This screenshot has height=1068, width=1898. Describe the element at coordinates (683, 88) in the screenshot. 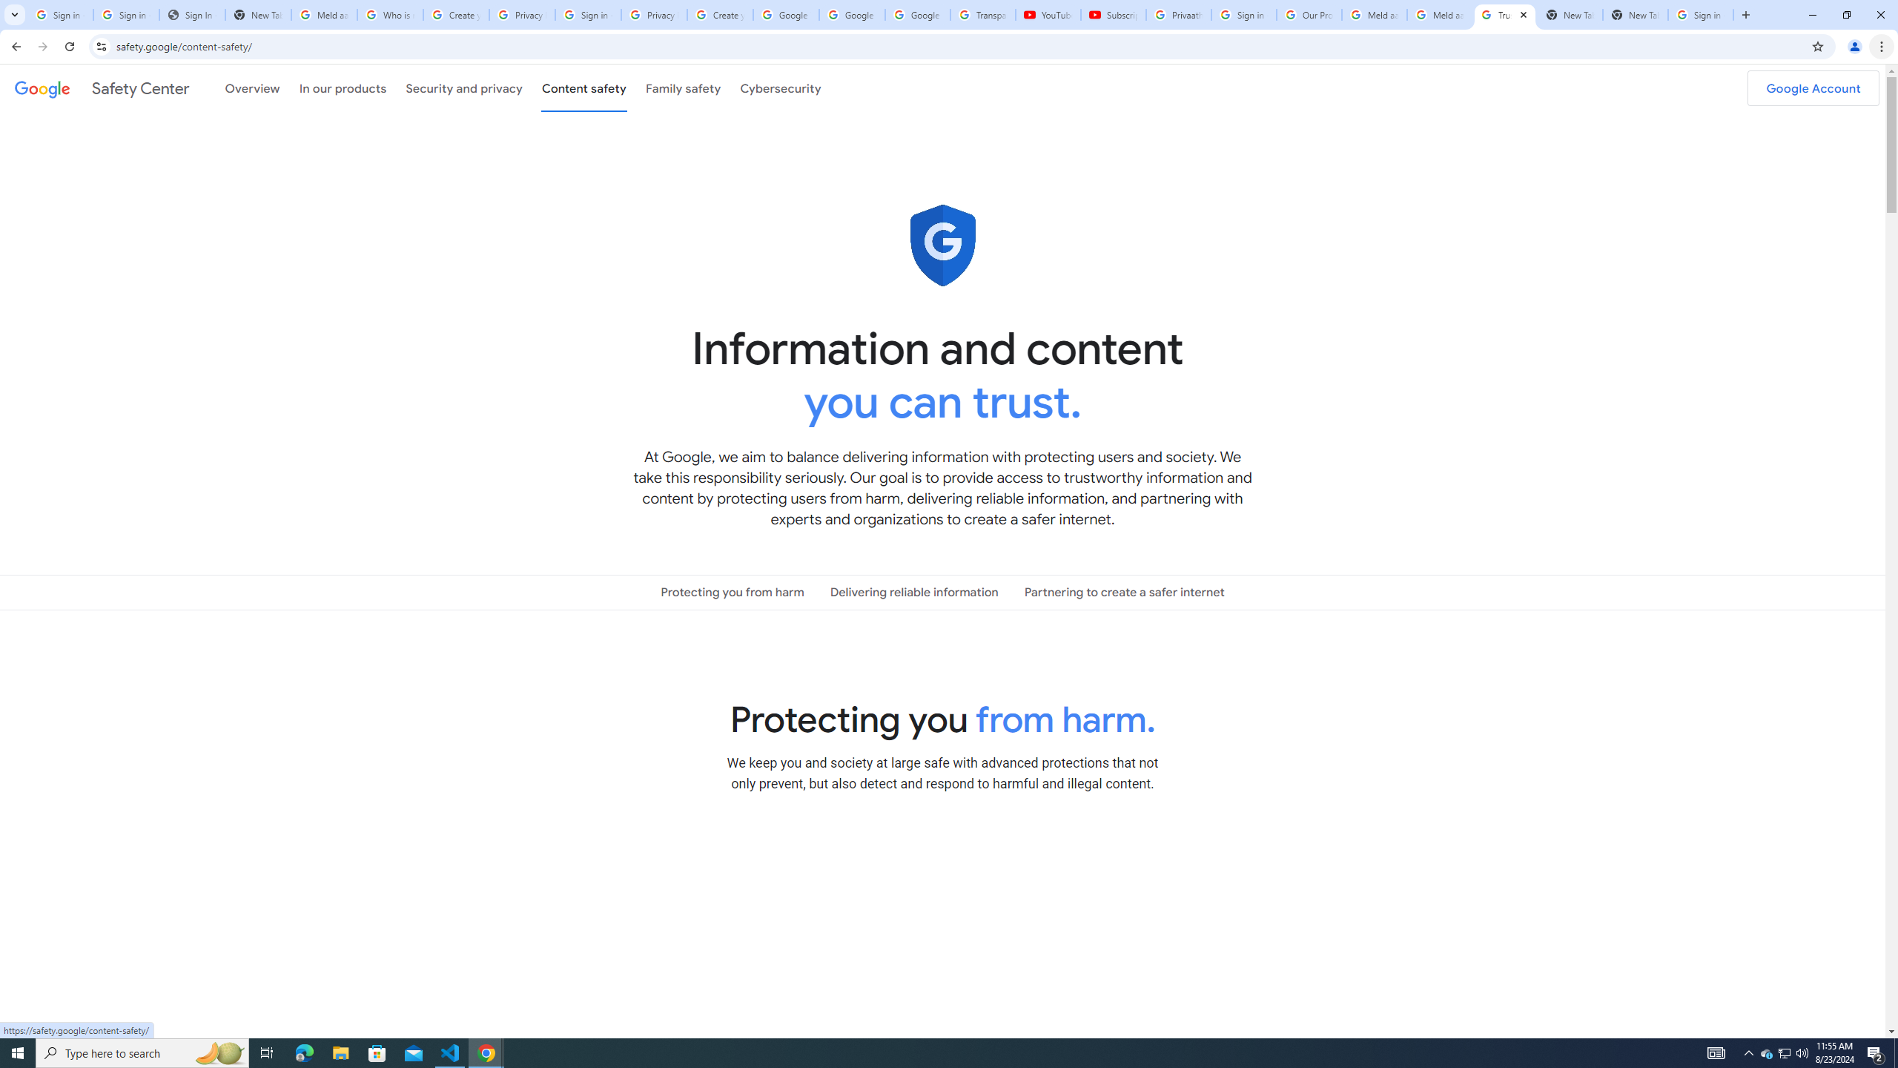

I see `'Family safety'` at that location.